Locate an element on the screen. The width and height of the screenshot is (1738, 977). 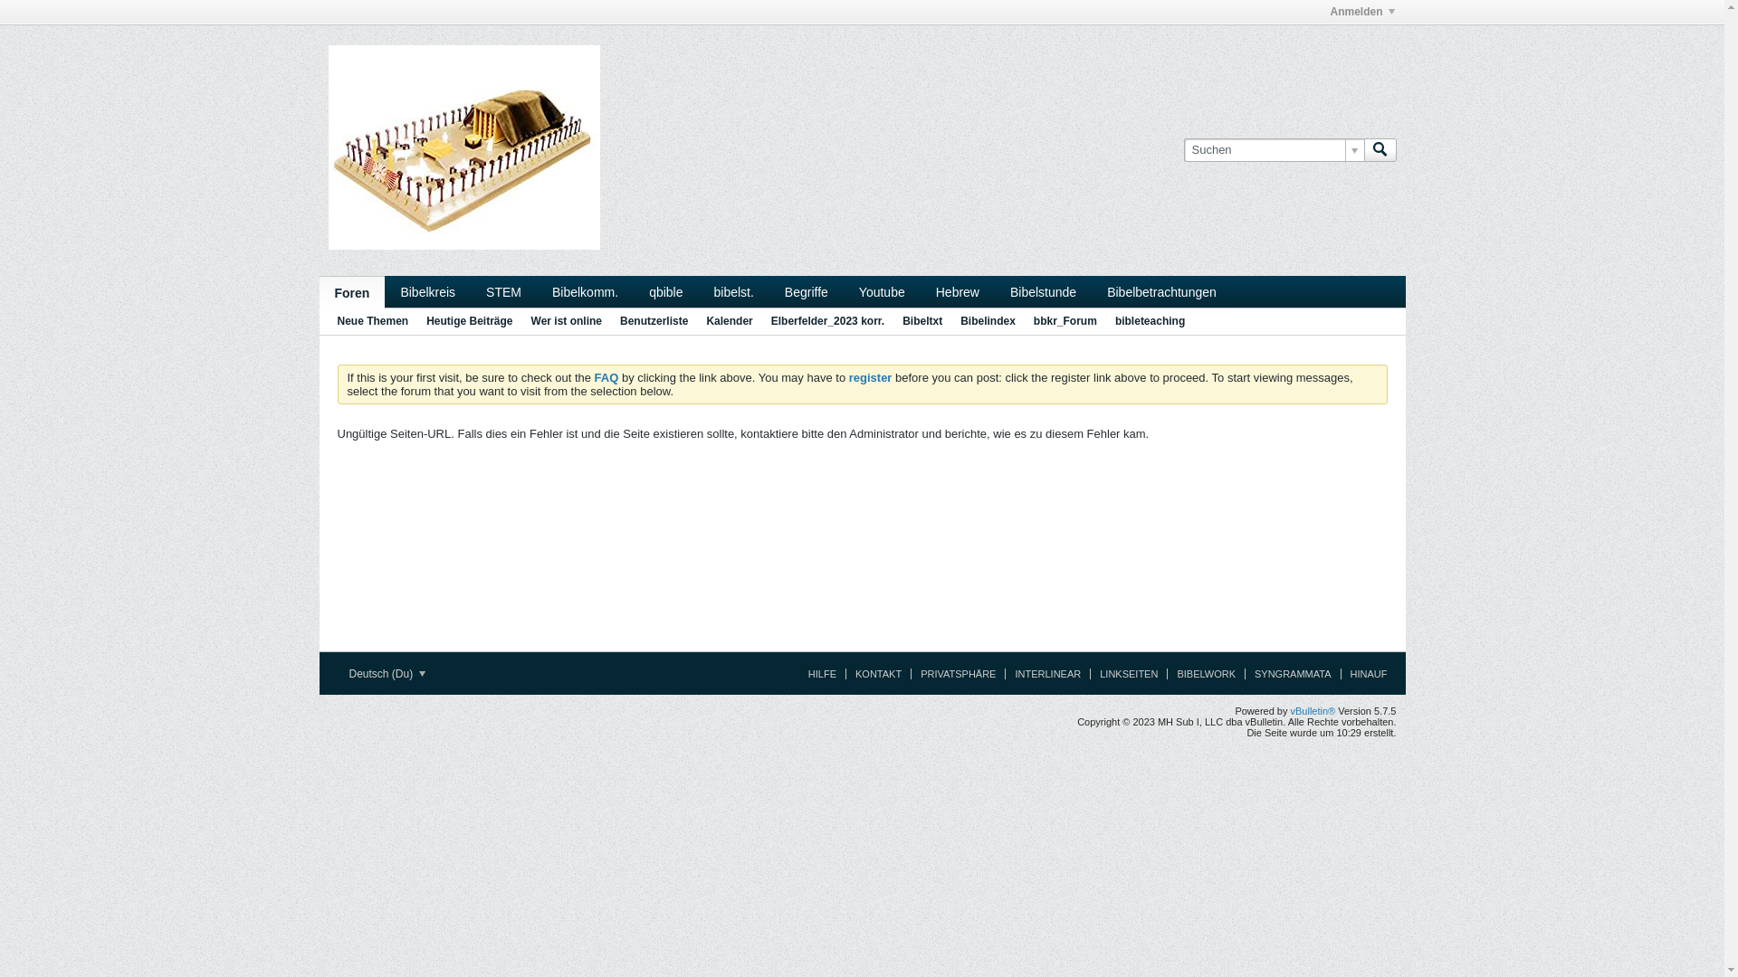
'Benutzerliste' is located at coordinates (653, 320).